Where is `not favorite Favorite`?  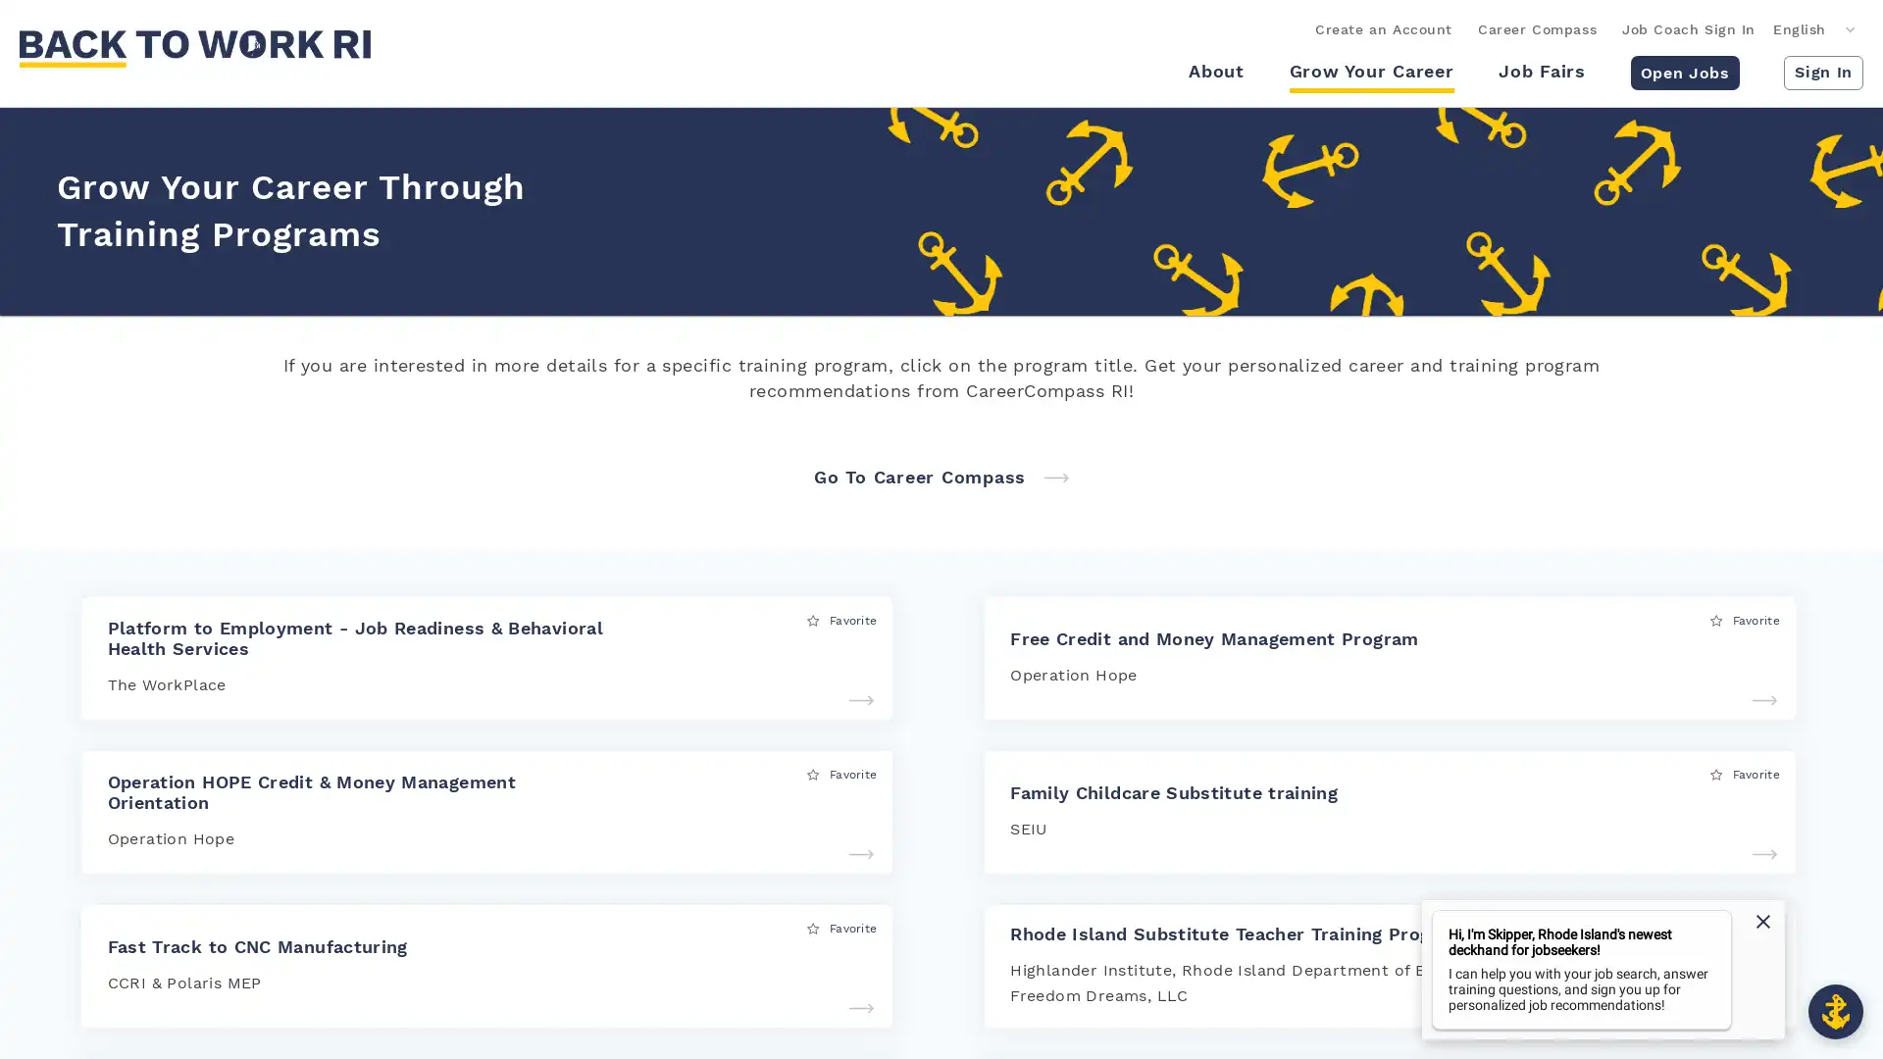 not favorite Favorite is located at coordinates (1745, 773).